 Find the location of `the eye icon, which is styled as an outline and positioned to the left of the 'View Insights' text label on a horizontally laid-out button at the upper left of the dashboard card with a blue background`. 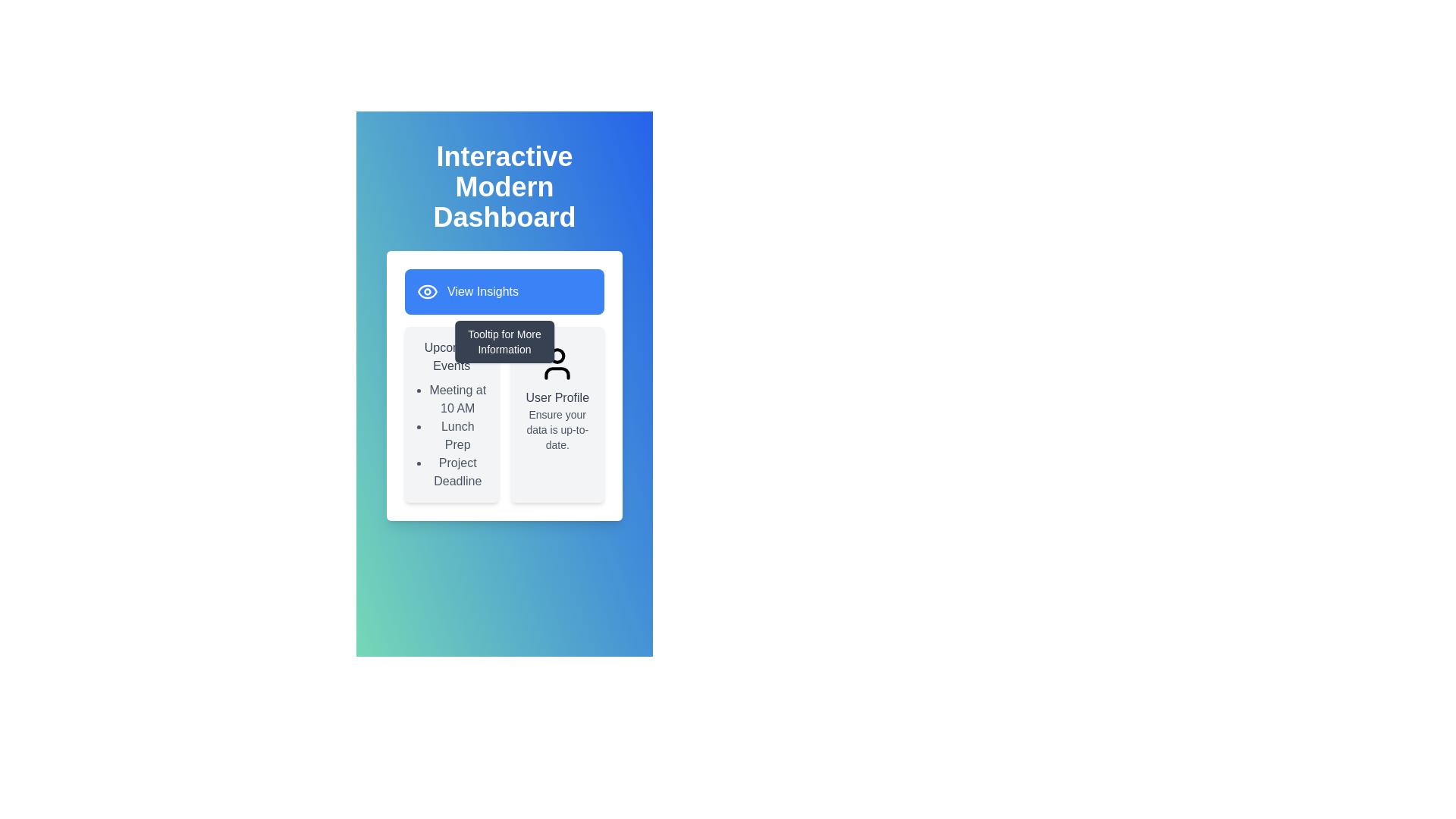

the eye icon, which is styled as an outline and positioned to the left of the 'View Insights' text label on a horizontally laid-out button at the upper left of the dashboard card with a blue background is located at coordinates (427, 292).